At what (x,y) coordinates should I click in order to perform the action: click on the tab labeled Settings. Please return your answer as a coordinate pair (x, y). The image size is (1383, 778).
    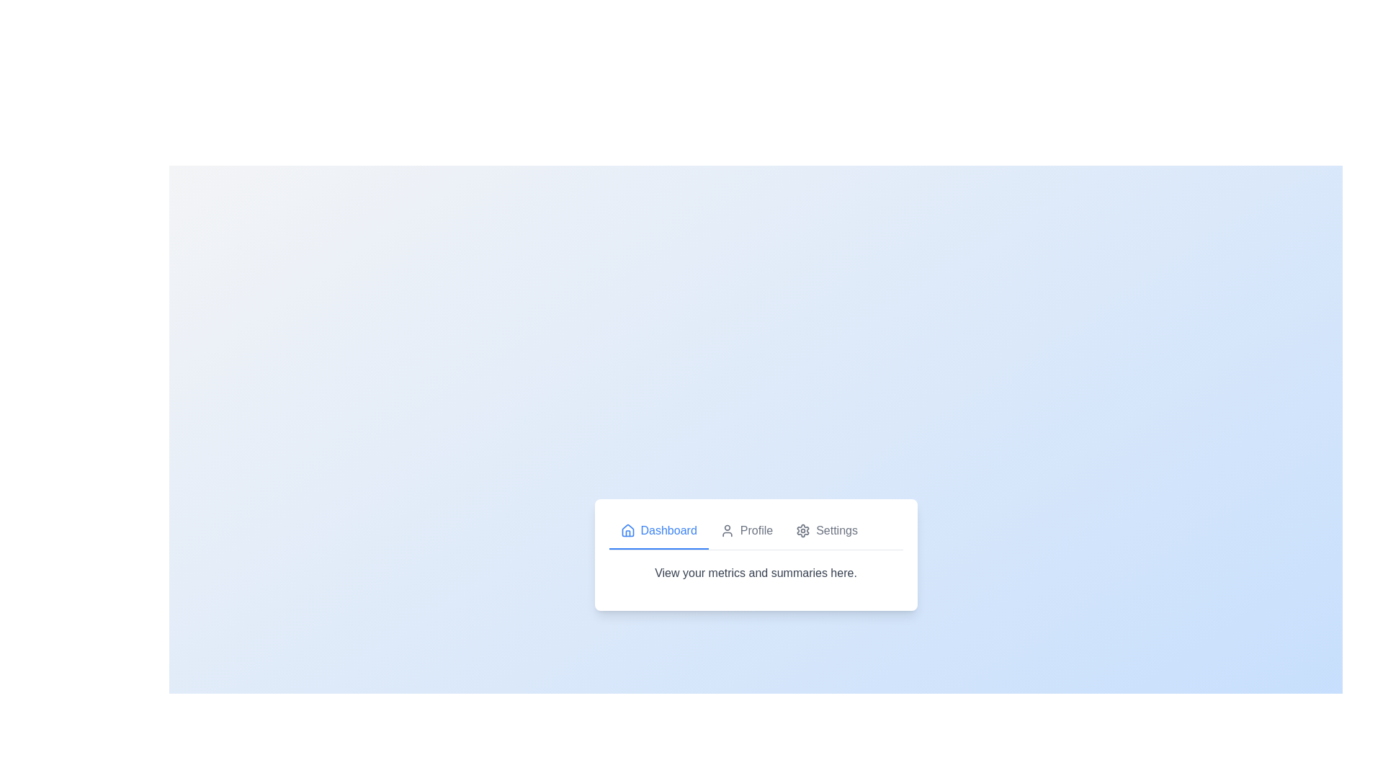
    Looking at the image, I should click on (826, 531).